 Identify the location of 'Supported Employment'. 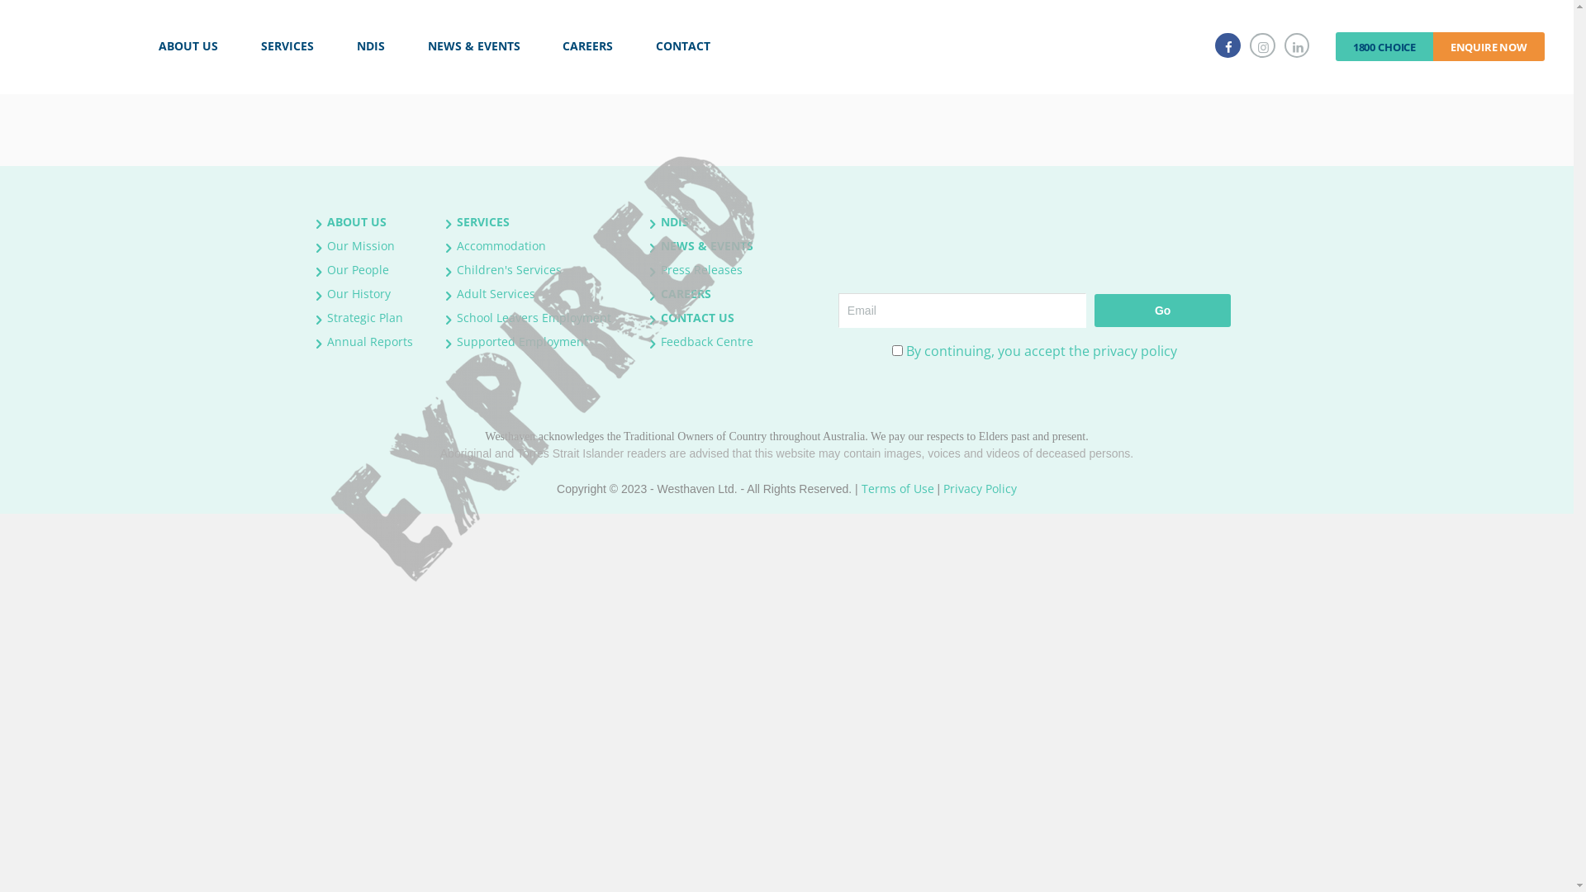
(521, 340).